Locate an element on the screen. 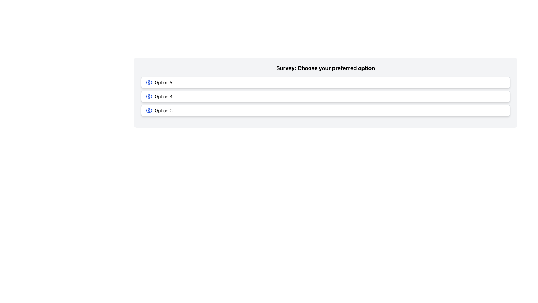 The width and height of the screenshot is (538, 303). the 'Option C' button, which is the last option in the survey section titled 'Survey: Choose your preferred option' is located at coordinates (325, 110).